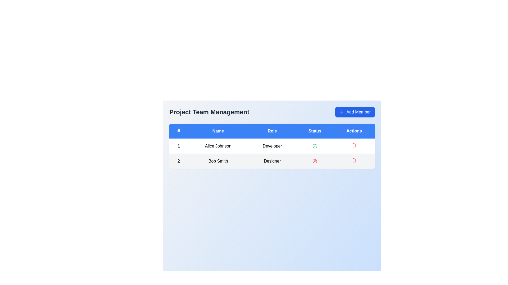 This screenshot has height=285, width=508. What do you see at coordinates (179, 146) in the screenshot?
I see `displayed numeral '1' in the first row of the table under the '#'' column, which is styled in black color and positioned before the 'Name' column containing 'Alice Johnson'` at bounding box center [179, 146].